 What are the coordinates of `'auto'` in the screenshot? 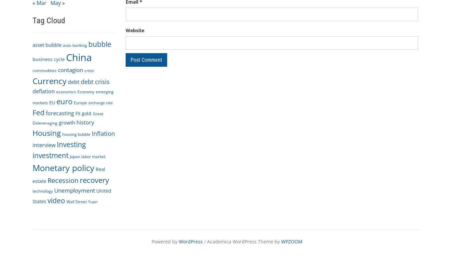 It's located at (66, 45).